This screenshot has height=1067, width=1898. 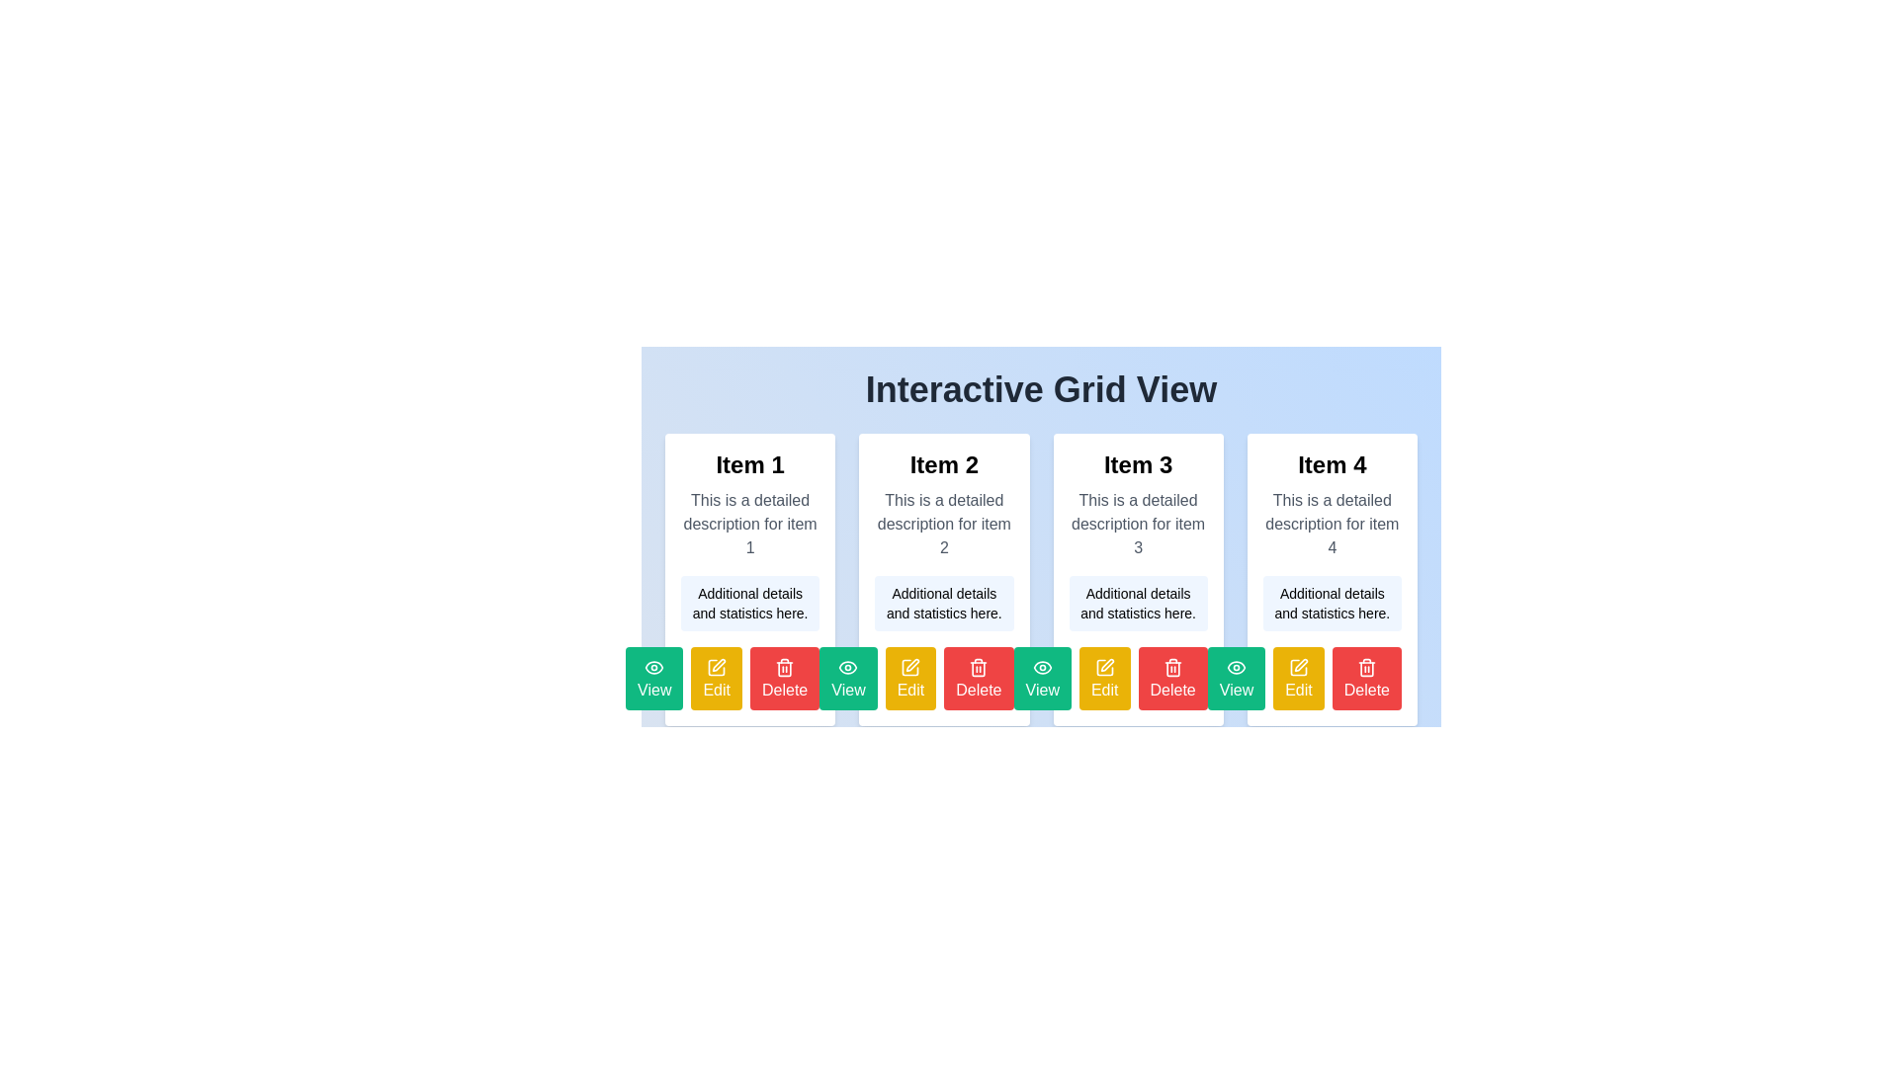 What do you see at coordinates (979, 677) in the screenshot?
I see `the delete button located at the bottom row of the grid layout, which is the last button to the right in the fourth column, to initiate the deletion action` at bounding box center [979, 677].